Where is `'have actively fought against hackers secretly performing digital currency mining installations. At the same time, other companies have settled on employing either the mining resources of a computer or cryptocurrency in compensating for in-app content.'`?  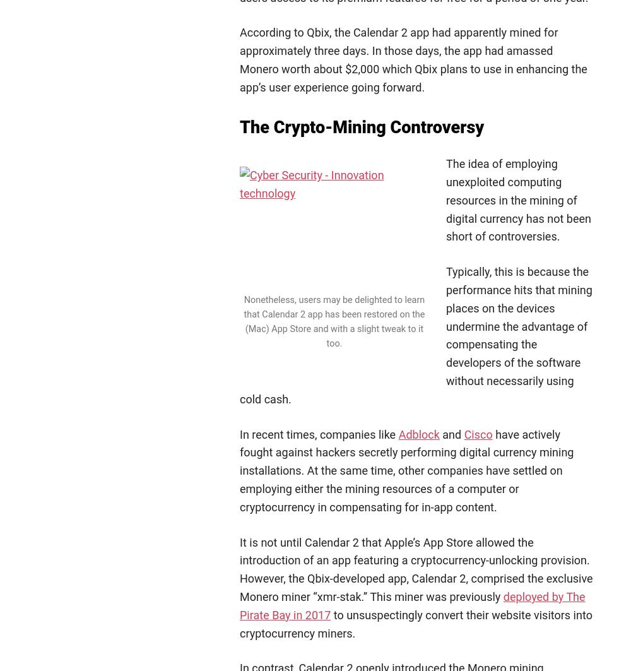 'have actively fought against hackers secretly performing digital currency mining installations. At the same time, other companies have settled on employing either the mining resources of a computer or cryptocurrency in compensating for in-app content.' is located at coordinates (406, 469).